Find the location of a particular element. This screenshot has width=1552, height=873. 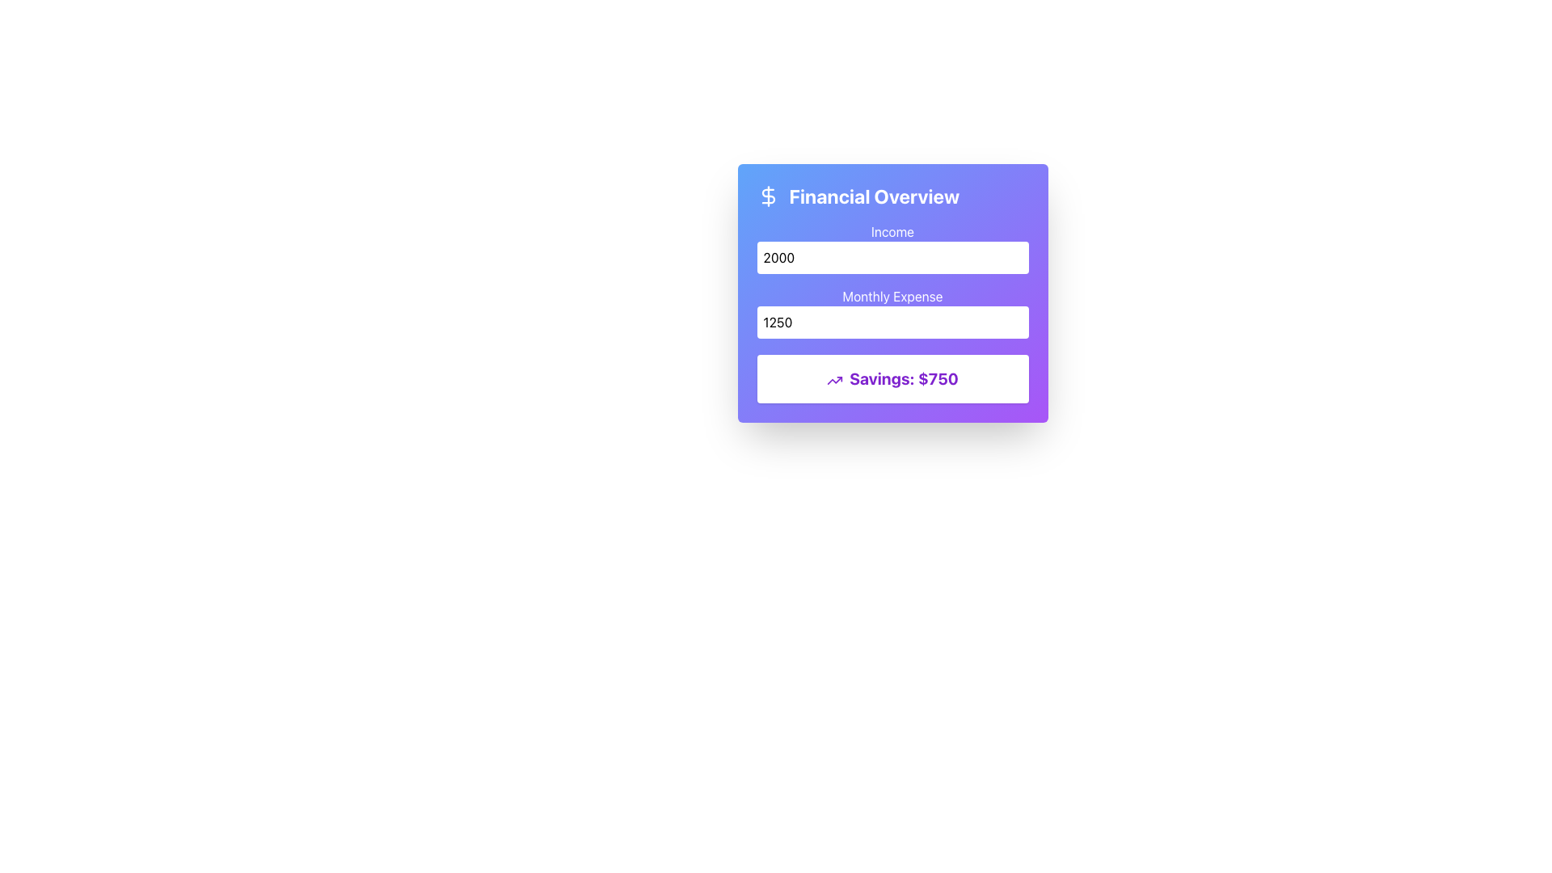

the text label that reads 'Monthly Expense', which is styled with white text on a purple gradient background and positioned above the numeric input field is located at coordinates (892, 296).